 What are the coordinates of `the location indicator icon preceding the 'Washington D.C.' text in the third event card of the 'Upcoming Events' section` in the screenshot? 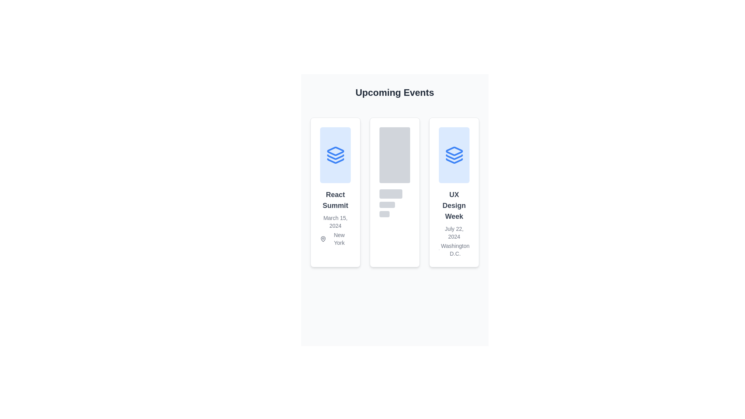 It's located at (439, 250).